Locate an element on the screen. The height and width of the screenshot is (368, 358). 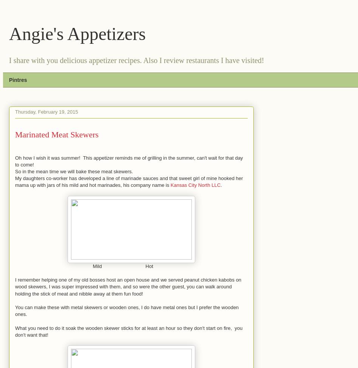
'Oh how I wish it was summer!  This appetizer reminds me of grilling in the summer, can't wait for that day to come!' is located at coordinates (129, 161).